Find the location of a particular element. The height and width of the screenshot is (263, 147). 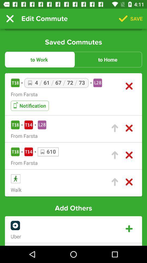

change commute importance is located at coordinates (114, 182).